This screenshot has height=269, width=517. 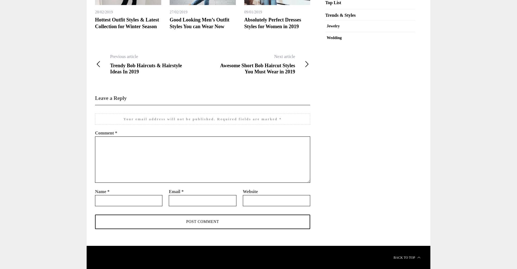 I want to click on '28/11/2018', so click(x=477, y=12).